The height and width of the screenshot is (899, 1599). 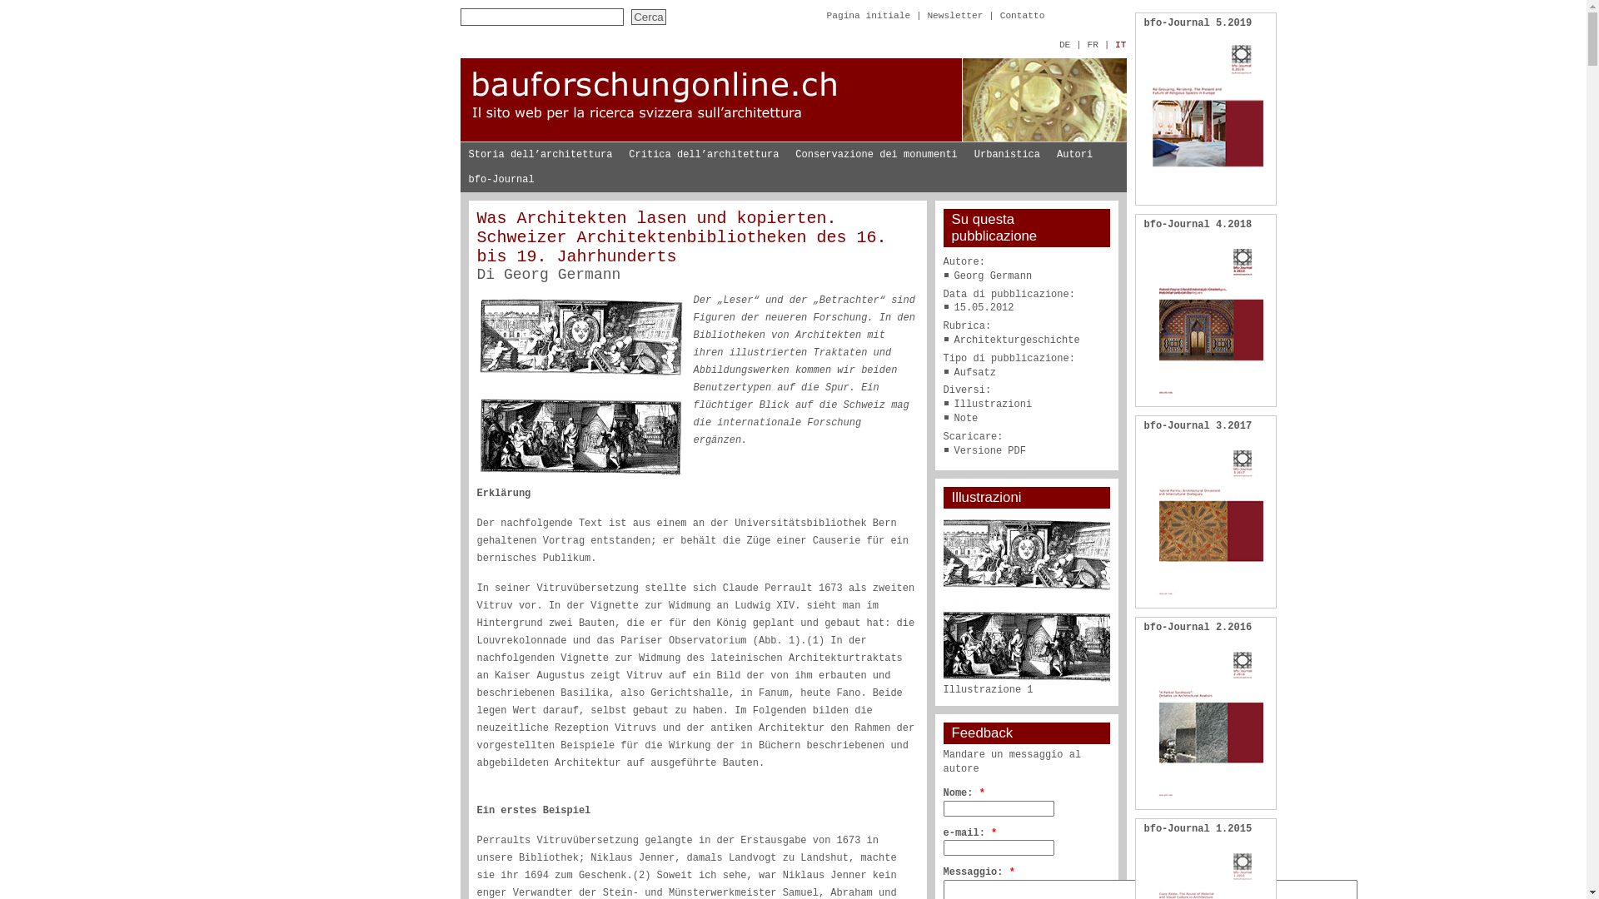 What do you see at coordinates (1198, 225) in the screenshot?
I see `'bfo-Journal 4.2018'` at bounding box center [1198, 225].